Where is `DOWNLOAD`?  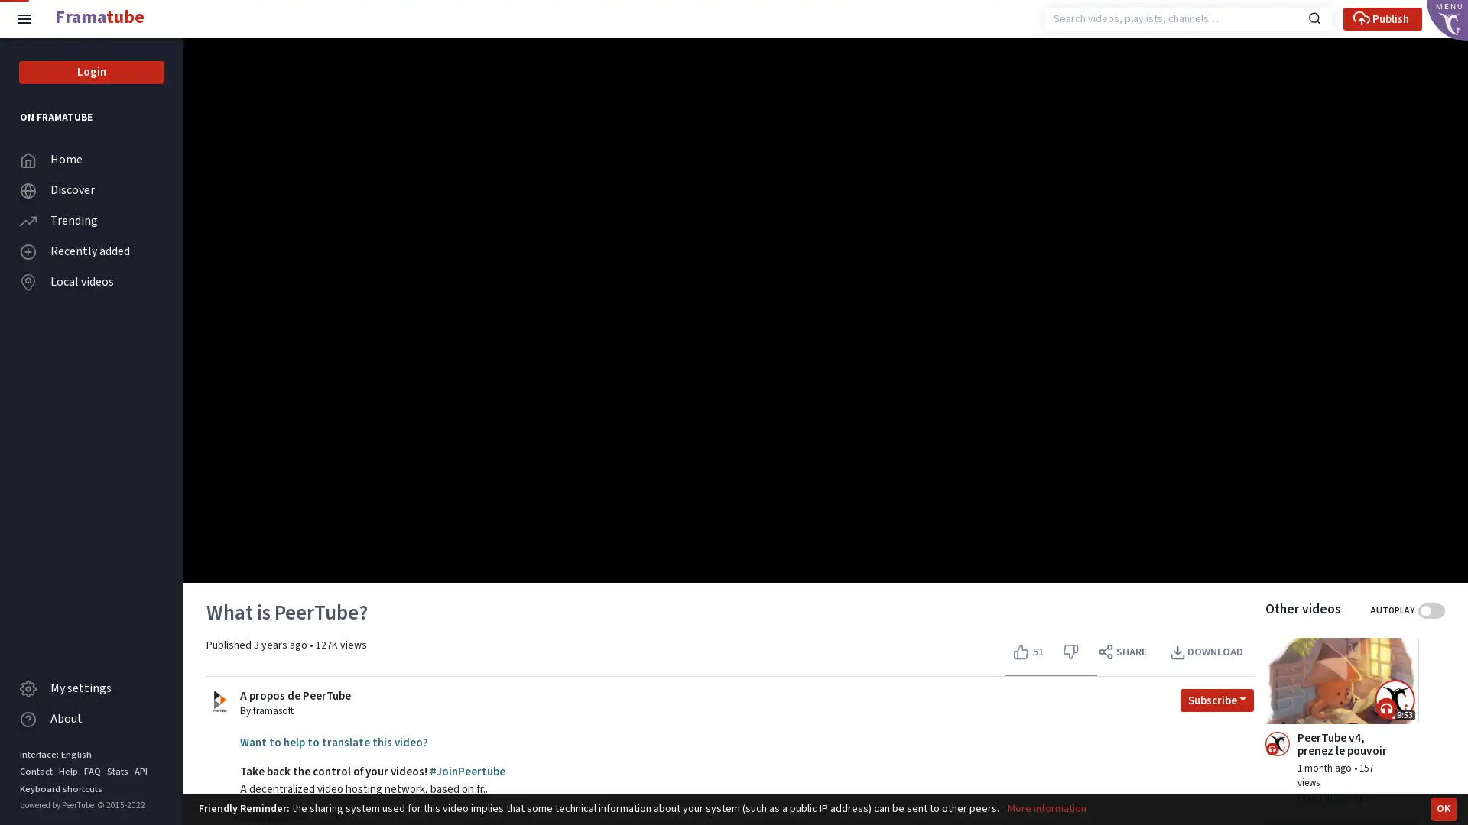 DOWNLOAD is located at coordinates (1207, 652).